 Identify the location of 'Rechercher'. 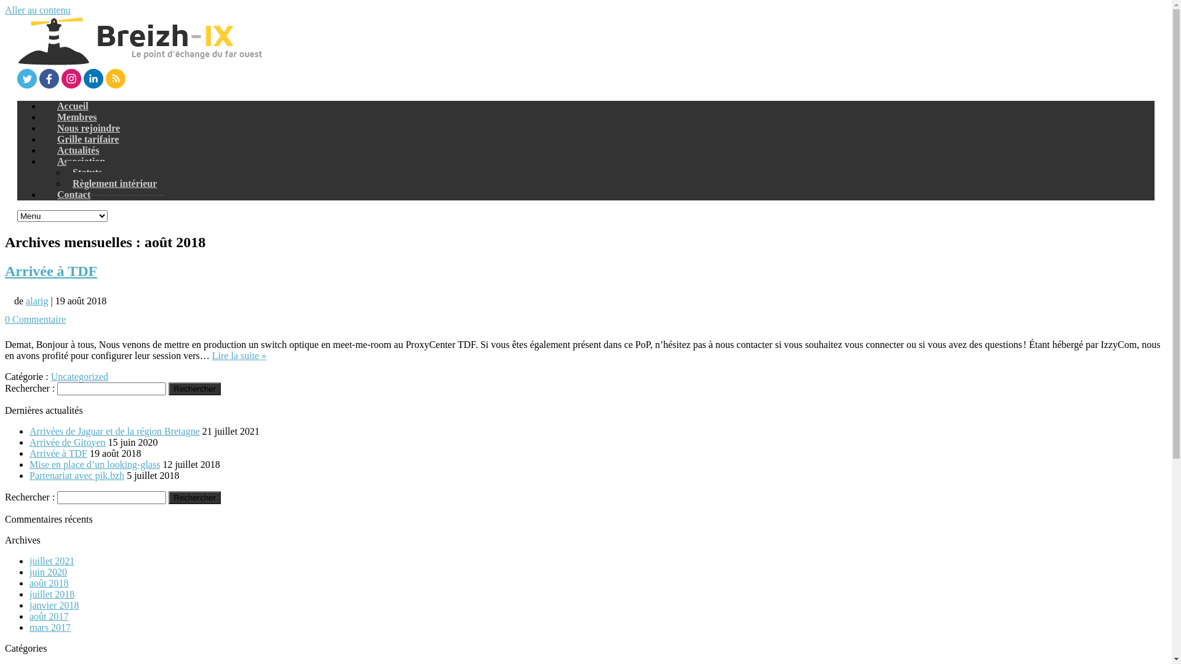
(194, 496).